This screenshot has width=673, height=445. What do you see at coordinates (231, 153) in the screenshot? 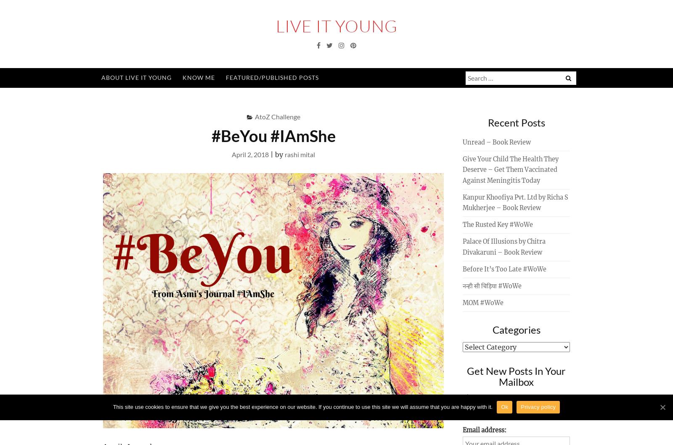
I see `'April 2, 2018'` at bounding box center [231, 153].